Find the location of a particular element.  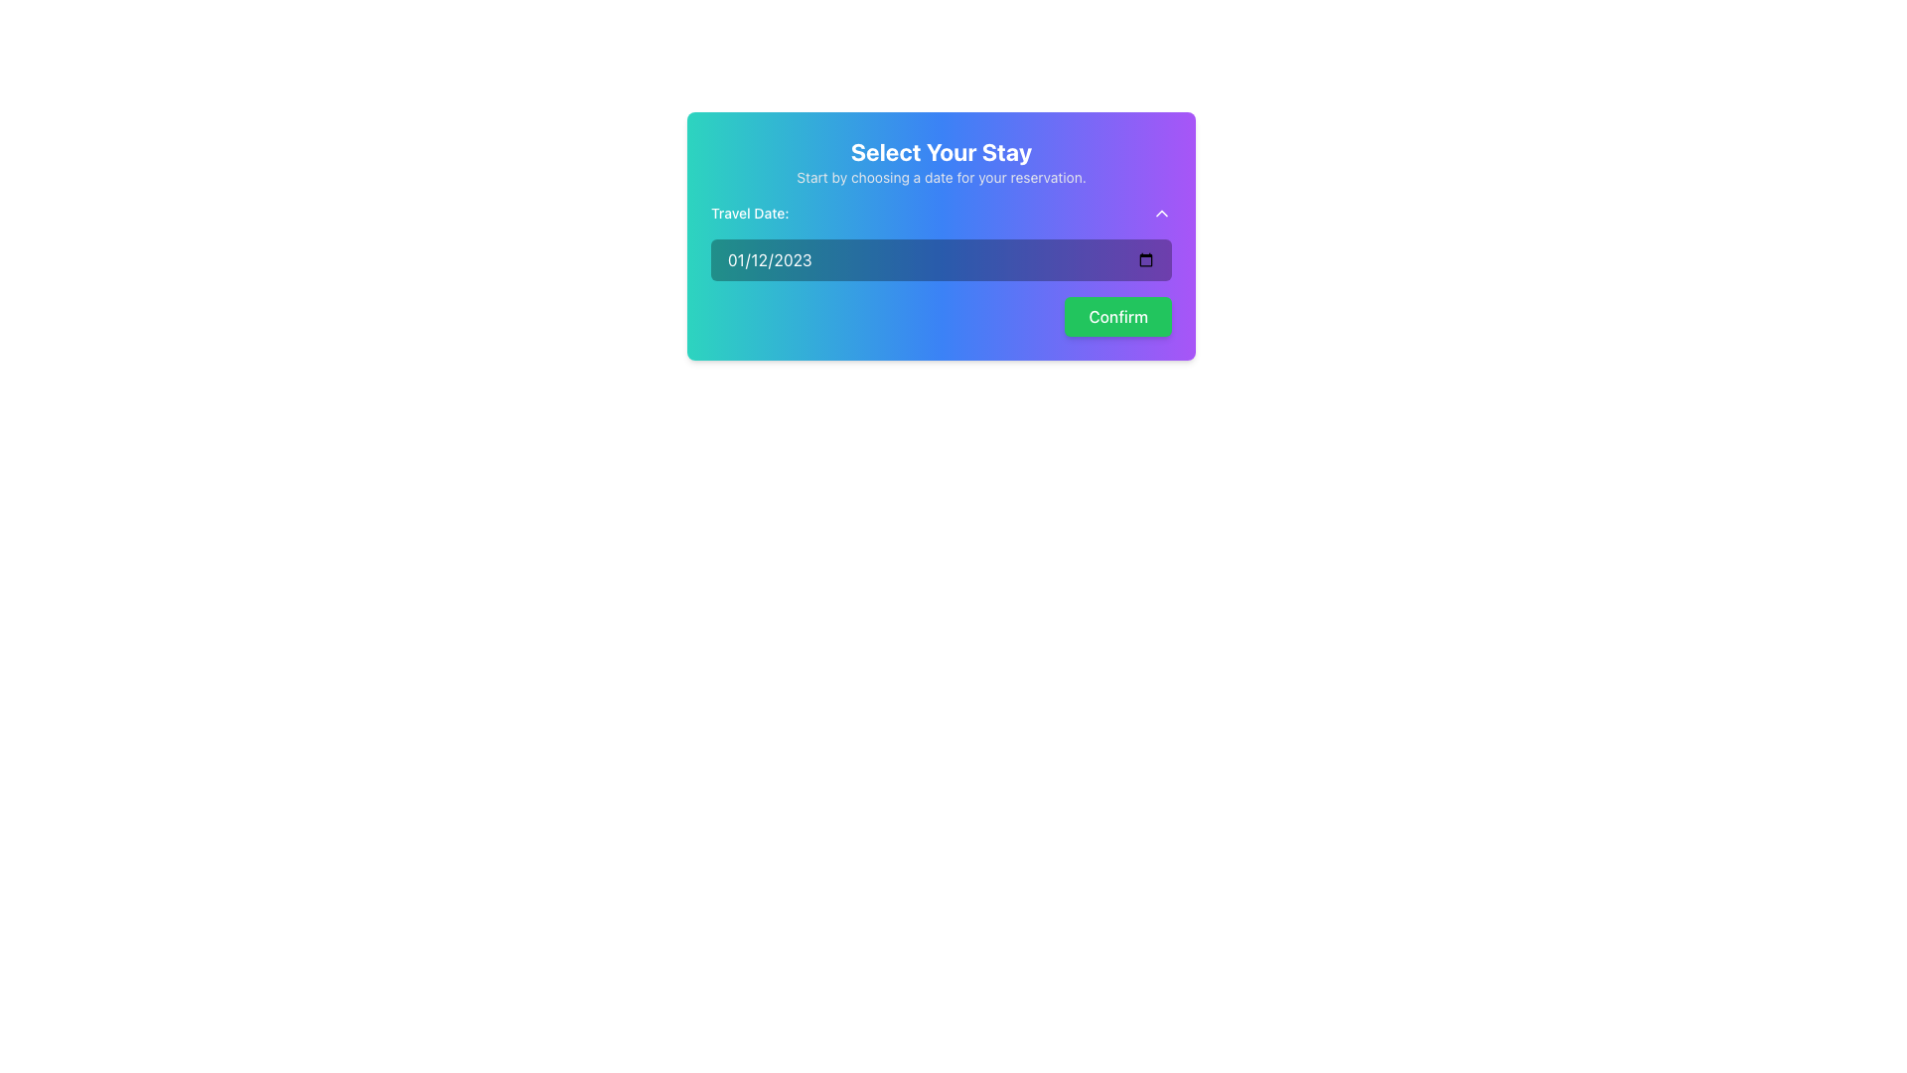

the green rectangular button labeled 'Confirm' located in the bottom-right region of the 'Select Your Stay' modal to confirm is located at coordinates (1118, 316).